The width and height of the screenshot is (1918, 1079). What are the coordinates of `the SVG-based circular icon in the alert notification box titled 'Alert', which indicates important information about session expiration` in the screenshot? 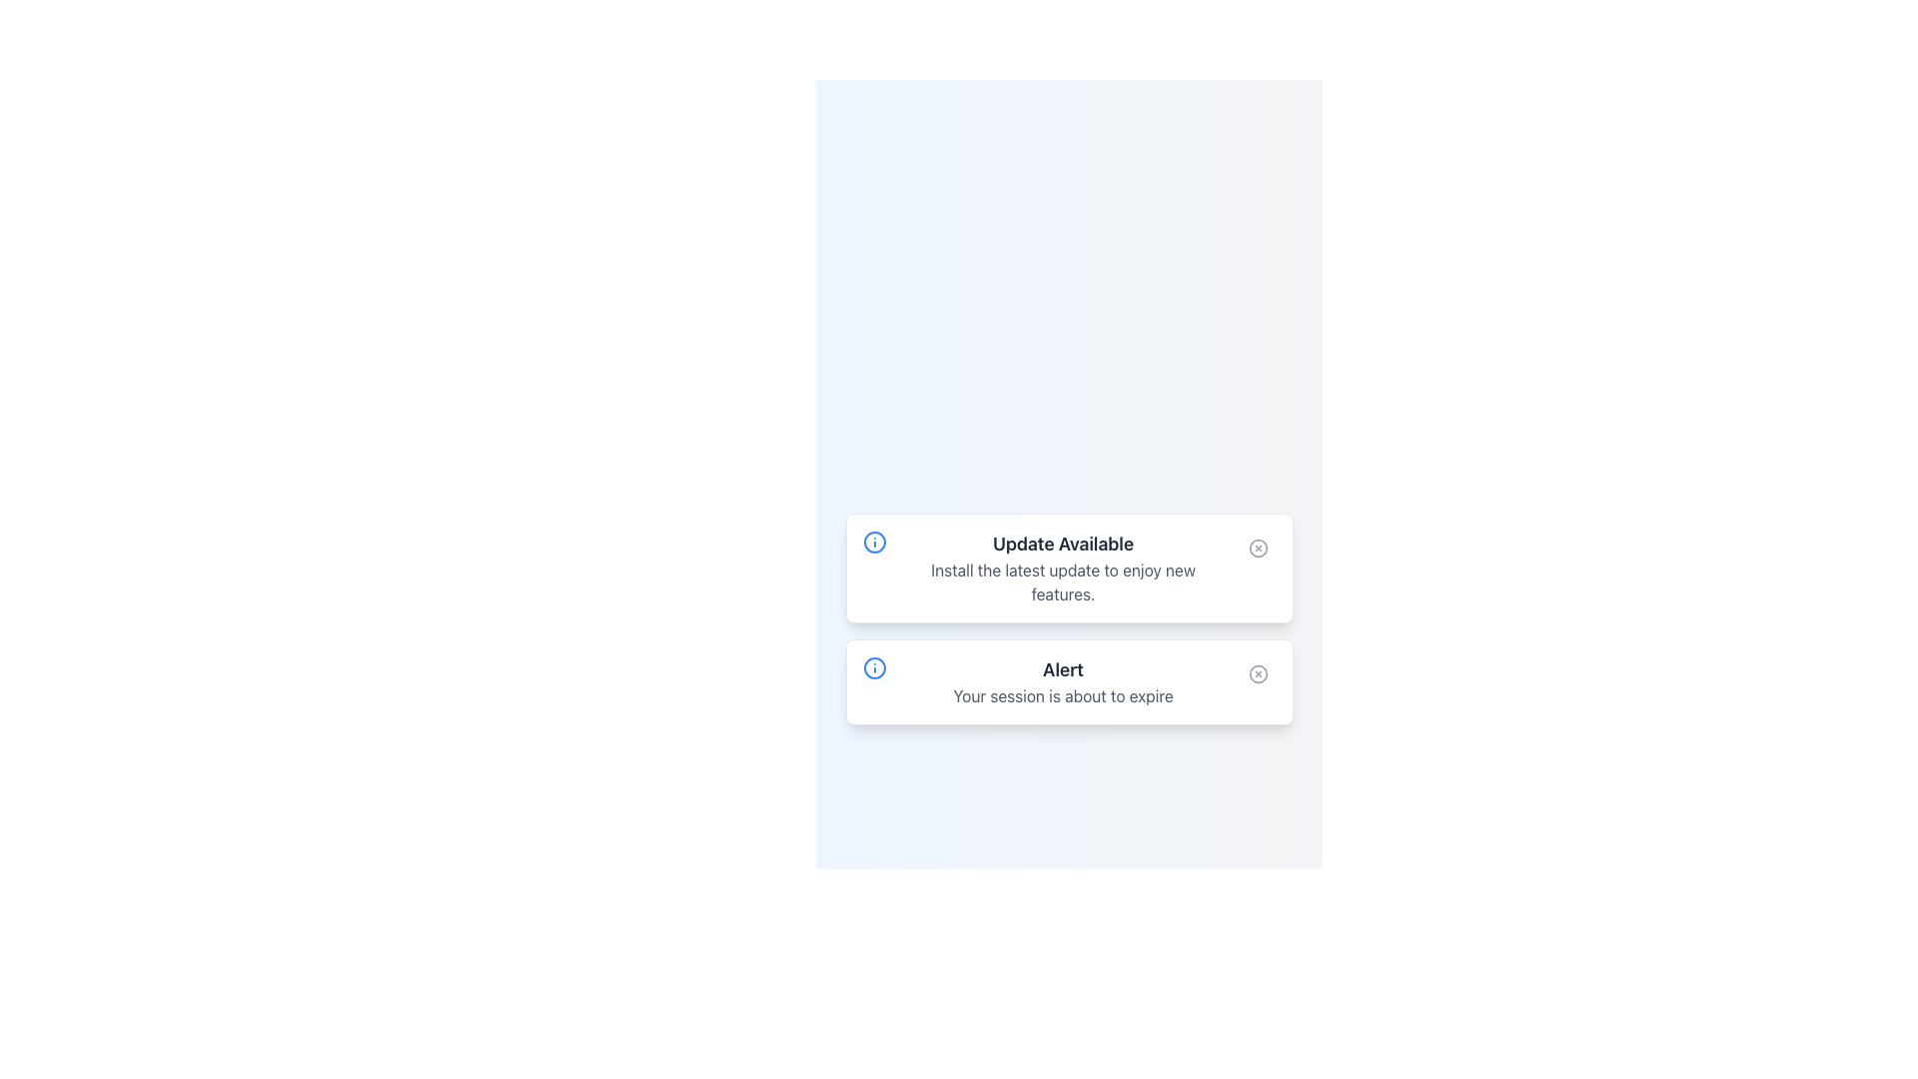 It's located at (874, 667).